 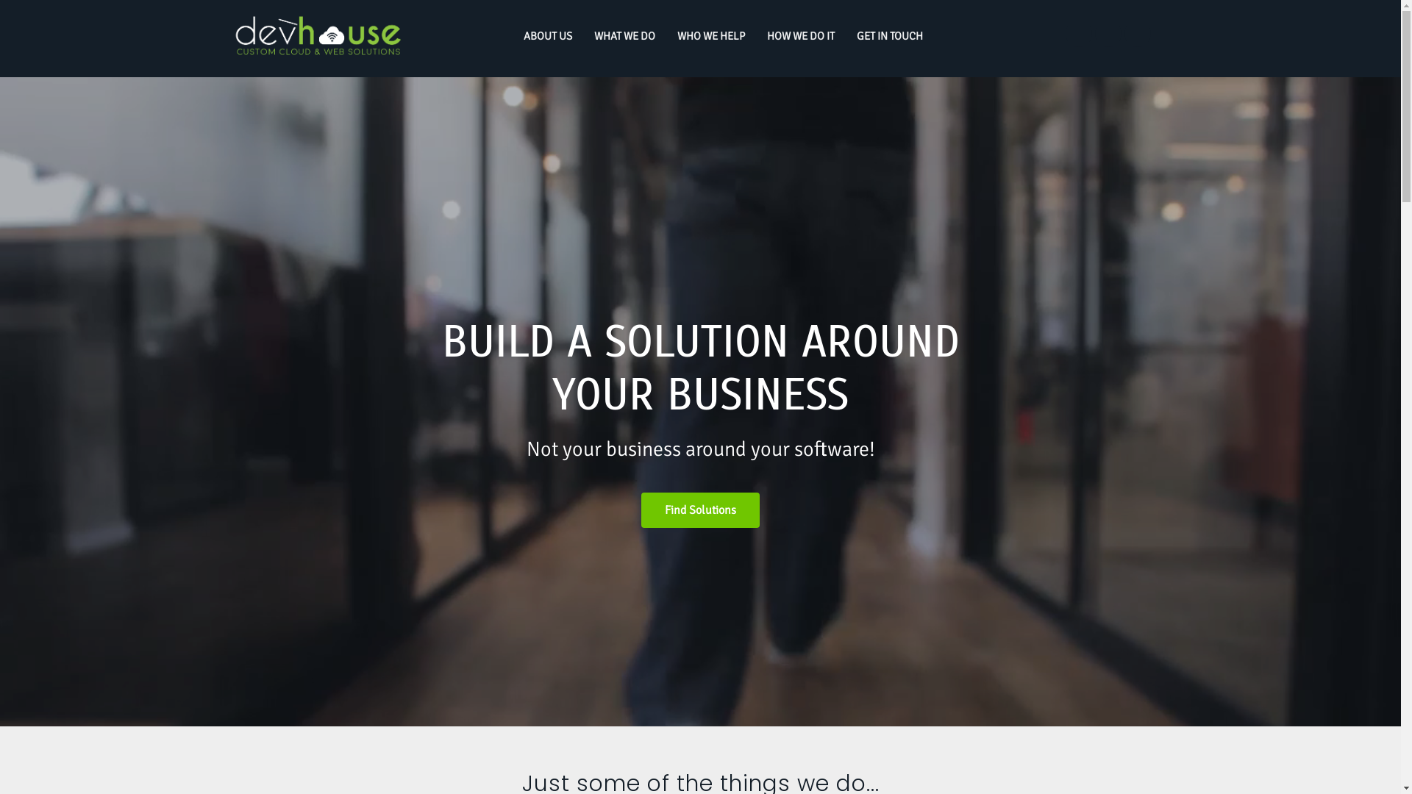 What do you see at coordinates (800, 36) in the screenshot?
I see `'HOW WE DO IT'` at bounding box center [800, 36].